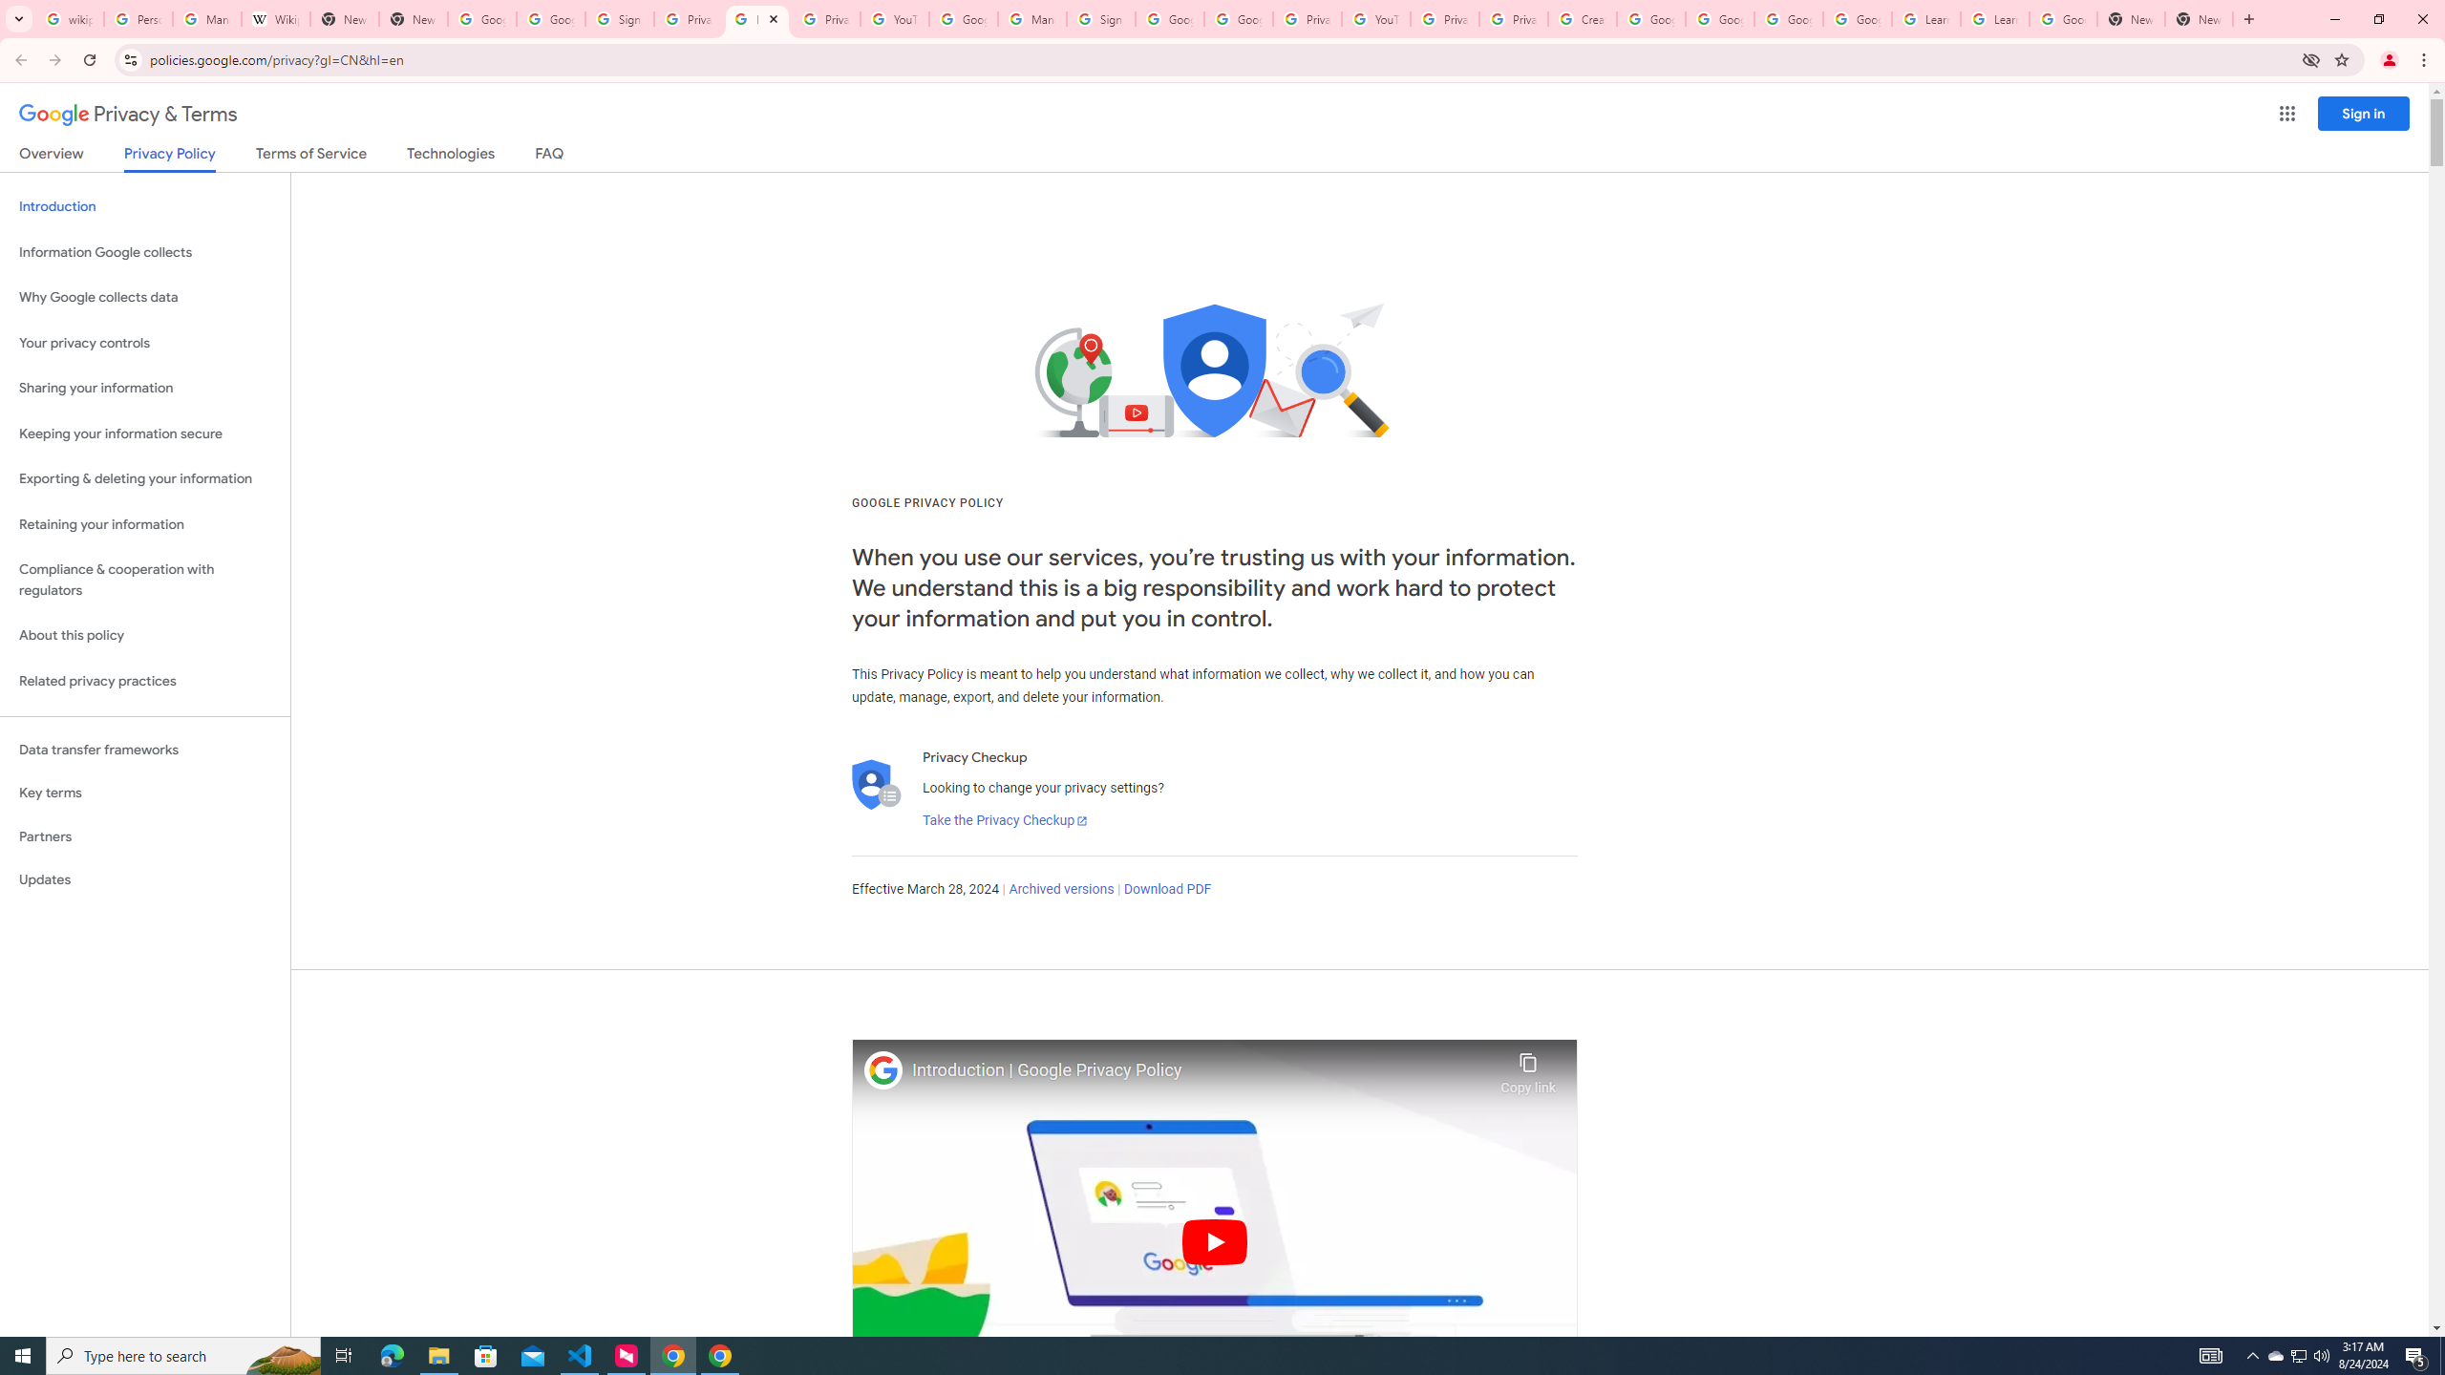 This screenshot has width=2445, height=1375. Describe the element at coordinates (1101, 18) in the screenshot. I see `'Sign in - Google Accounts'` at that location.